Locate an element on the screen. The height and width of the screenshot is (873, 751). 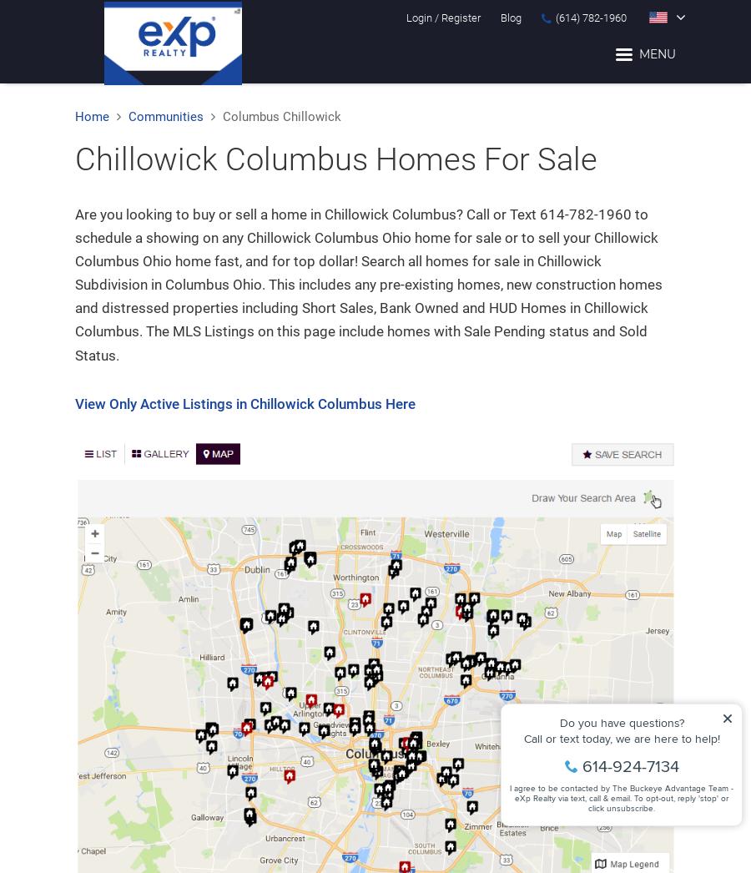
'MENU' is located at coordinates (658, 53).